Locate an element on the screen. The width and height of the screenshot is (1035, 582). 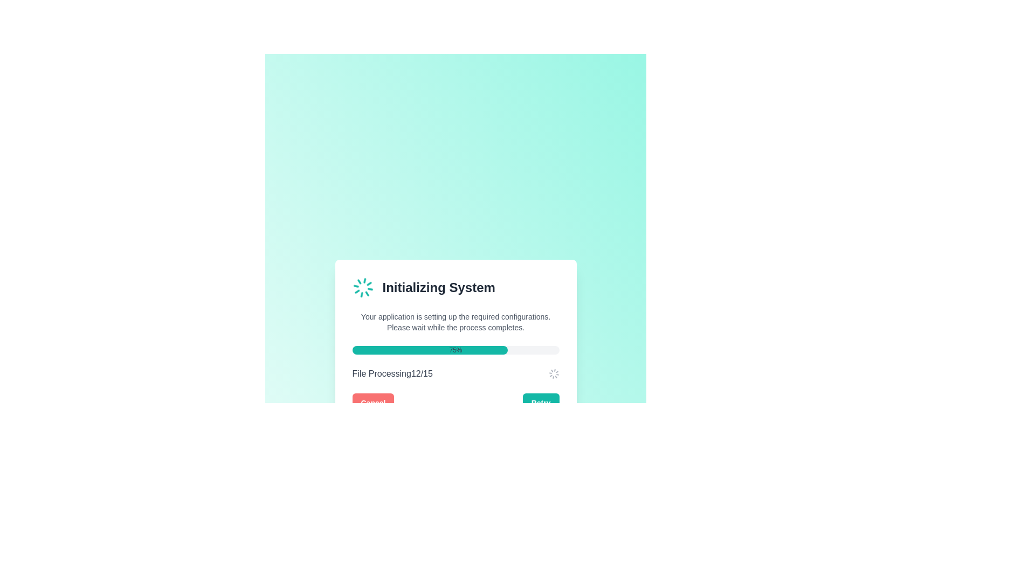
the text label '12/15', which indicates progress and is styled in a sans-serif font with a dark color, located to the right of 'File Processing' in the progress tracking area is located at coordinates (421, 373).